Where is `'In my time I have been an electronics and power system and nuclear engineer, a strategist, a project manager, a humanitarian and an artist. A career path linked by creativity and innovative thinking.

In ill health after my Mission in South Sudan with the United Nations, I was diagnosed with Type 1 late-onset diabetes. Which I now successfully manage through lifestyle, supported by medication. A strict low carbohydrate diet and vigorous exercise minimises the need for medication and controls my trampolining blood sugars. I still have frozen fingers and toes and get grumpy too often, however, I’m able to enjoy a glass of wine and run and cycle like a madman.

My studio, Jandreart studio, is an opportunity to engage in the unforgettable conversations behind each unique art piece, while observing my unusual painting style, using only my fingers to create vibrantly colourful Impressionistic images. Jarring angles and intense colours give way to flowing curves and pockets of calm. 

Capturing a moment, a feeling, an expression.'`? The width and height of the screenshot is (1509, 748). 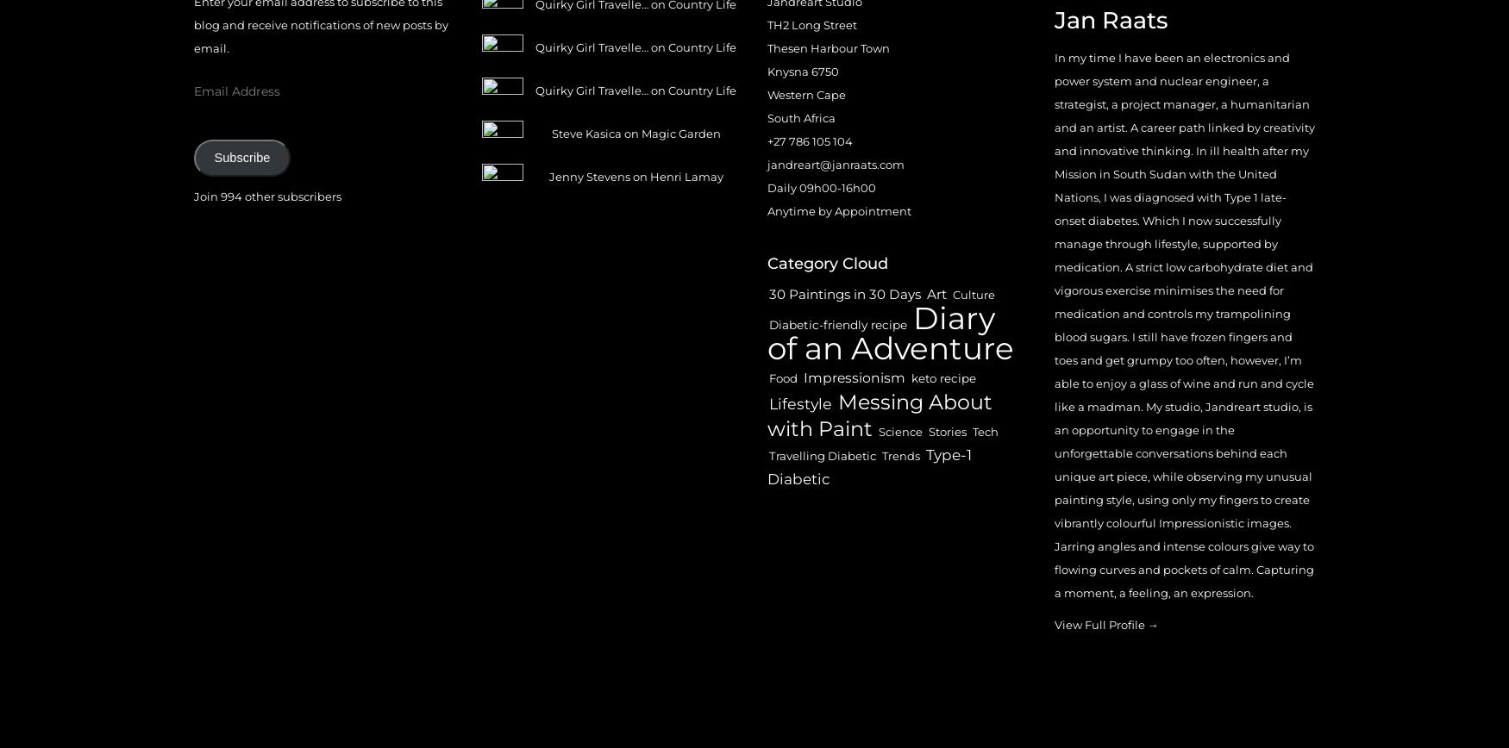
'In my time I have been an electronics and power system and nuclear engineer, a strategist, a project manager, a humanitarian and an artist. A career path linked by creativity and innovative thinking.

In ill health after my Mission in South Sudan with the United Nations, I was diagnosed with Type 1 late-onset diabetes. Which I now successfully manage through lifestyle, supported by medication. A strict low carbohydrate diet and vigorous exercise minimises the need for medication and controls my trampolining blood sugars. I still have frozen fingers and toes and get grumpy too often, however, I’m able to enjoy a glass of wine and run and cycle like a madman.

My studio, Jandreart studio, is an opportunity to engage in the unforgettable conversations behind each unique art piece, while observing my unusual painting style, using only my fingers to create vibrantly colourful Impressionistic images. Jarring angles and intense colours give way to flowing curves and pockets of calm. 

Capturing a moment, a feeling, an expression.' is located at coordinates (1184, 324).